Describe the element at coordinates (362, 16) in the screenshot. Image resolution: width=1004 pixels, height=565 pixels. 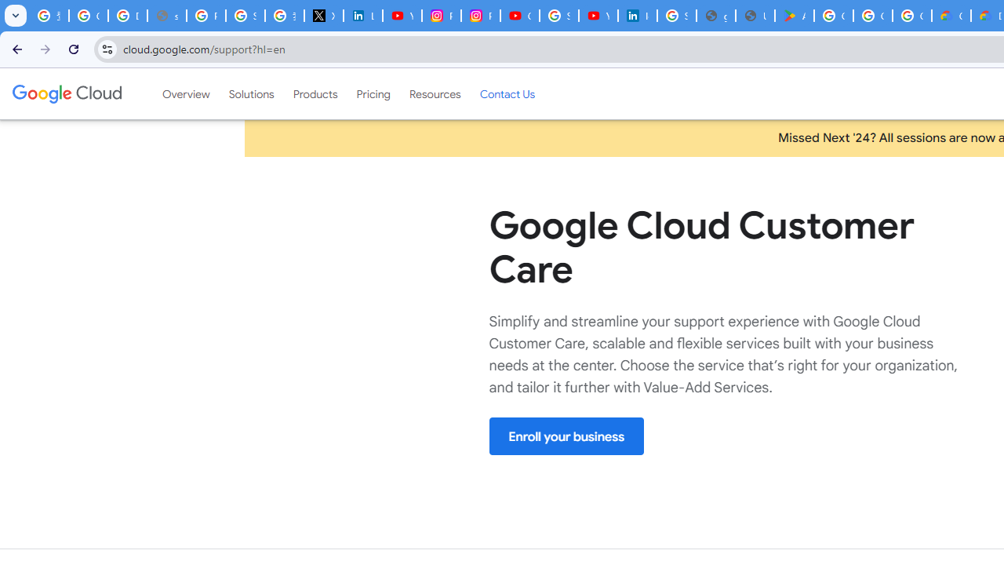
I see `'LinkedIn Privacy Policy'` at that location.